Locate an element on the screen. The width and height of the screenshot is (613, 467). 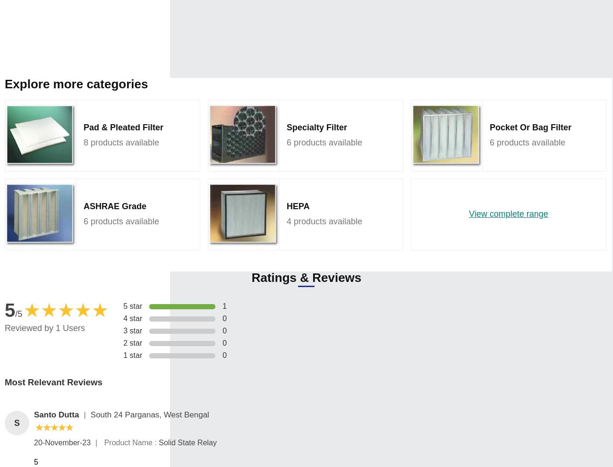
'Most Relevant Reviews' is located at coordinates (53, 382).